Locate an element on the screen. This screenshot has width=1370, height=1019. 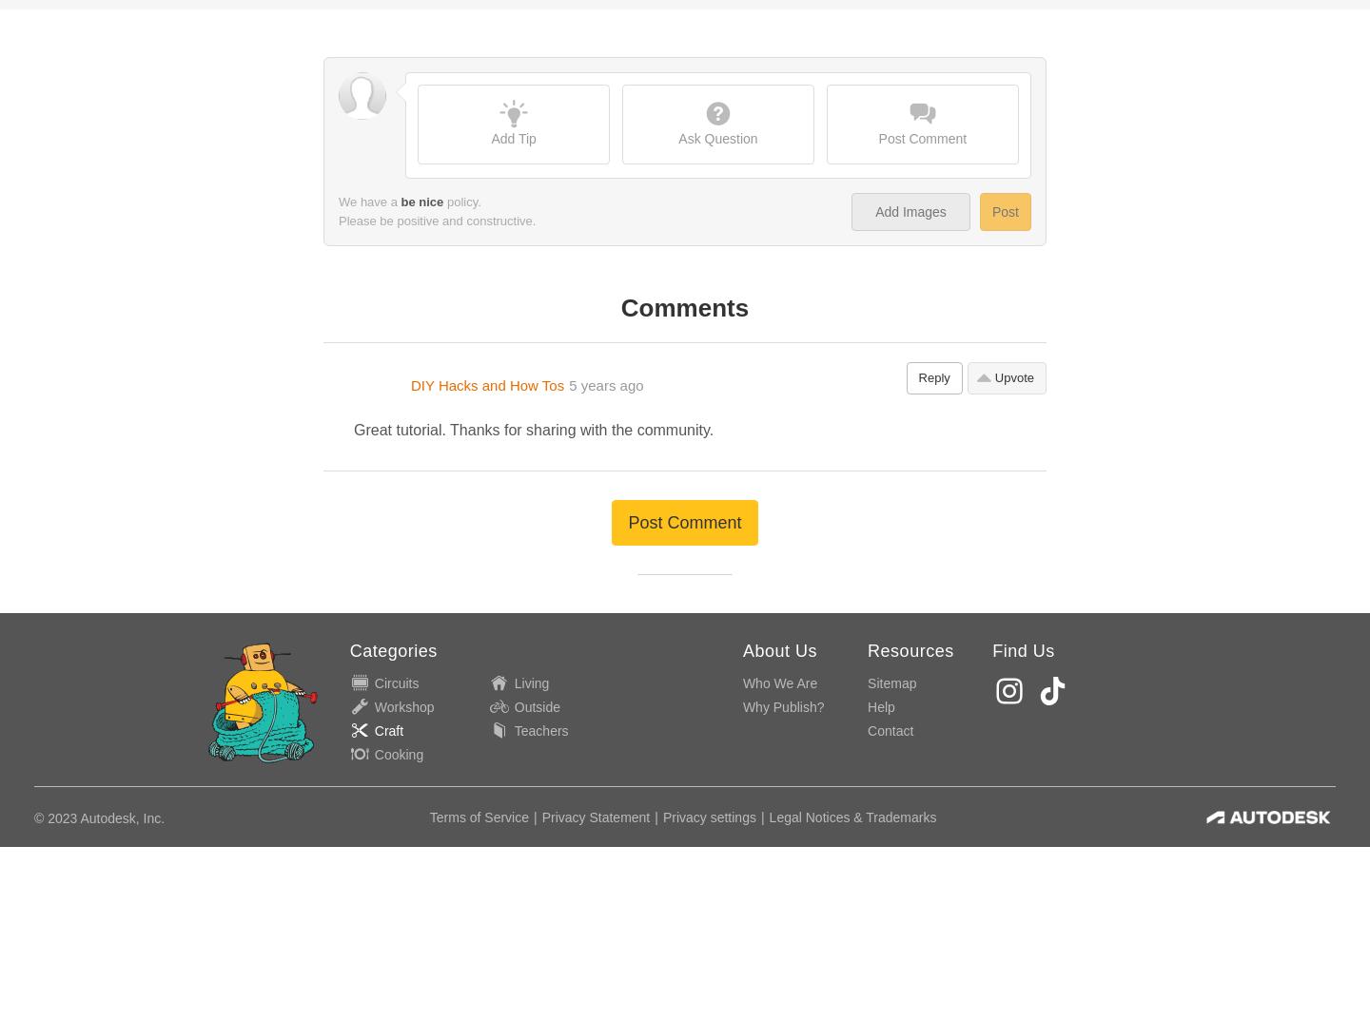
'Outside' is located at coordinates (537, 268).